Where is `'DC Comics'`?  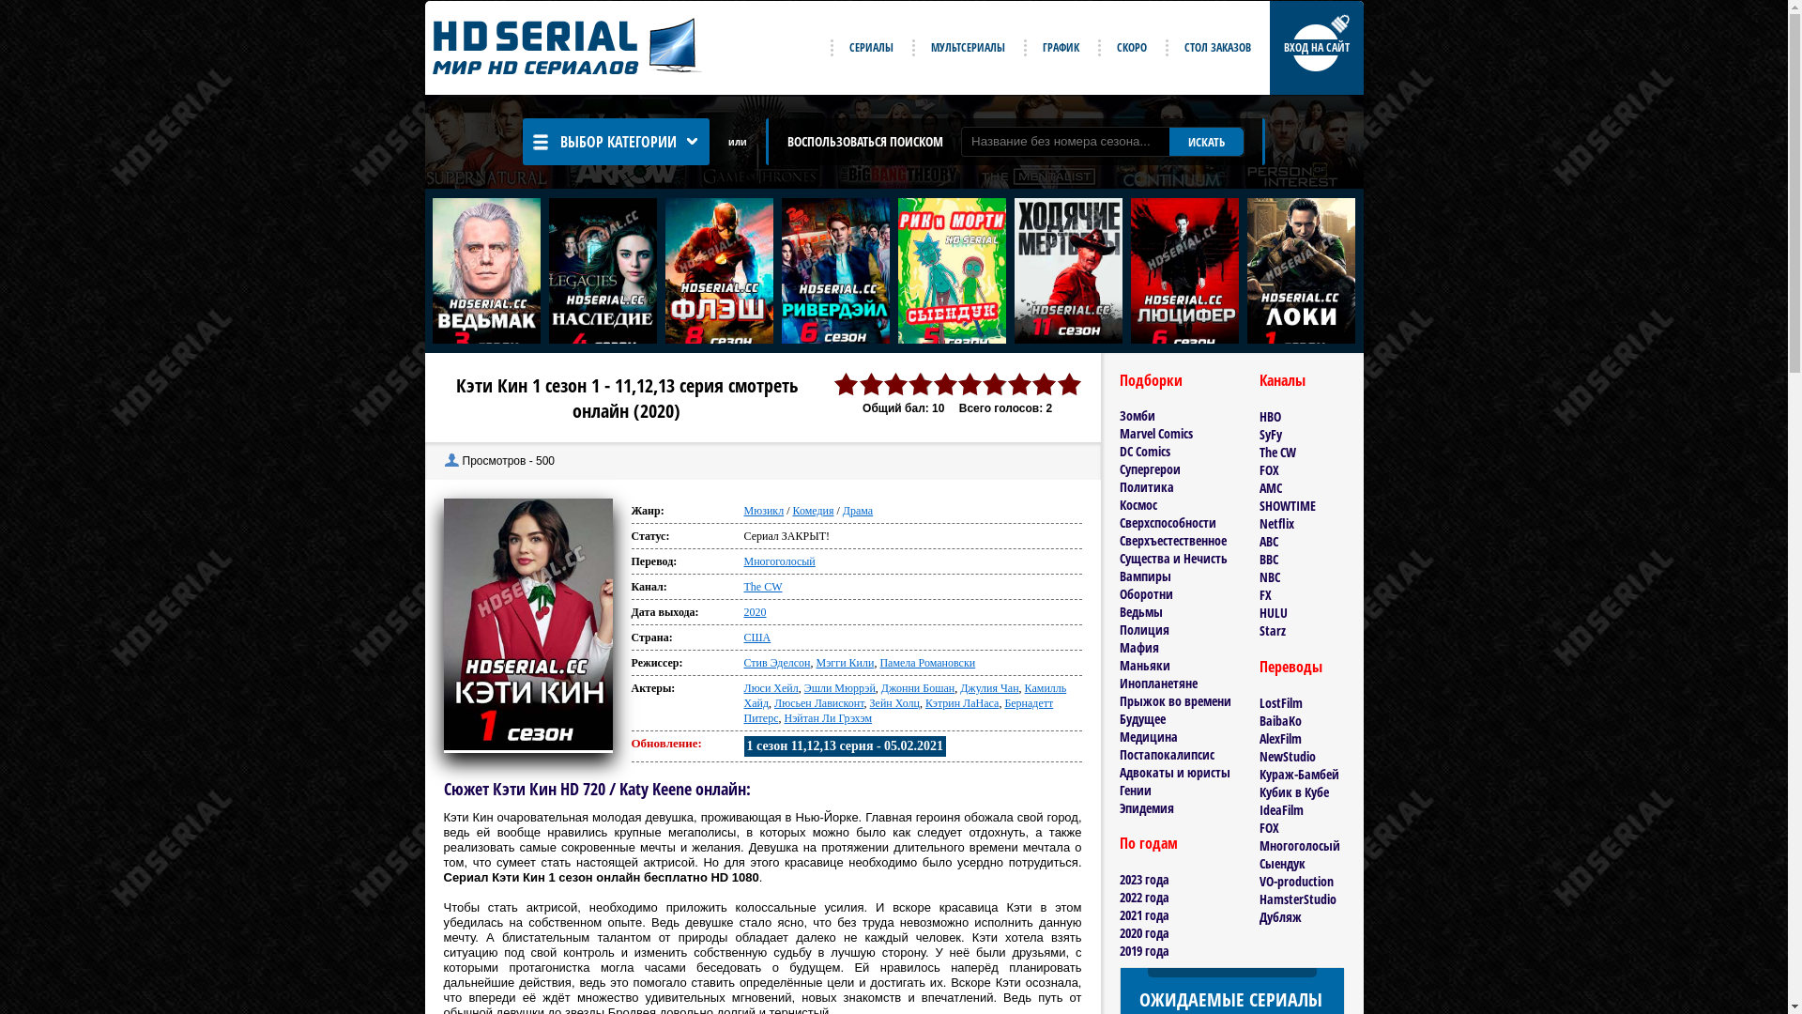
'DC Comics' is located at coordinates (1143, 451).